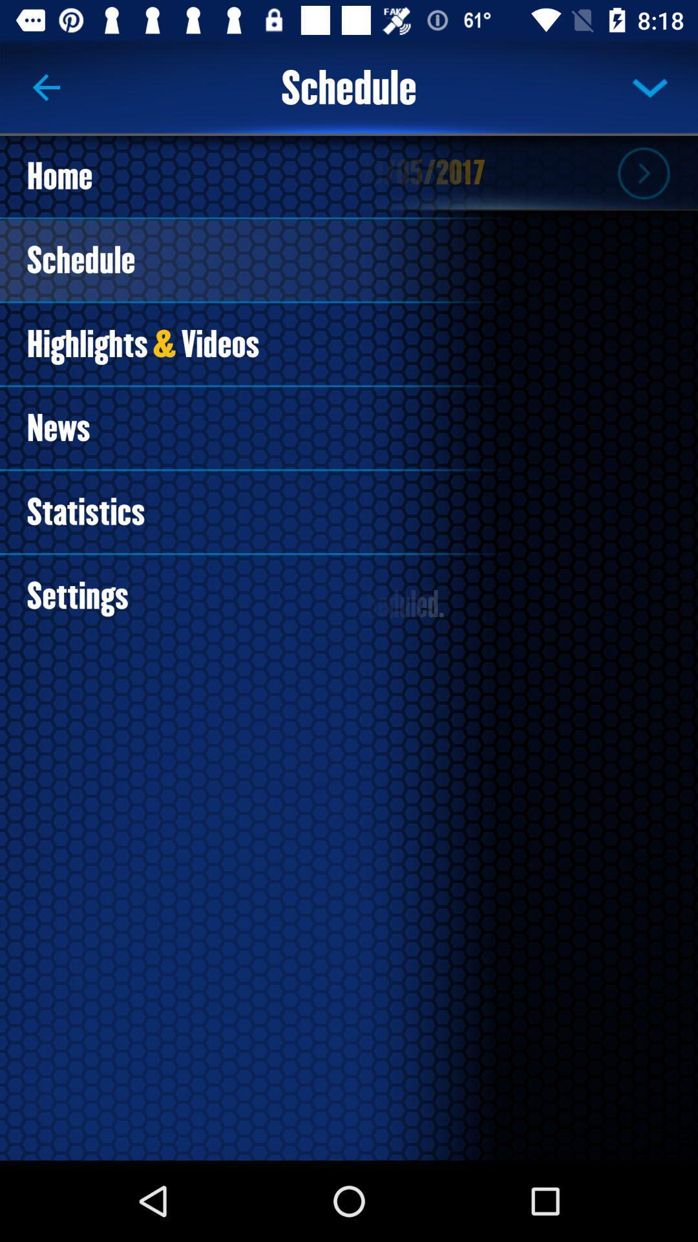 This screenshot has height=1242, width=698. What do you see at coordinates (643, 172) in the screenshot?
I see `the arrow_forward icon` at bounding box center [643, 172].